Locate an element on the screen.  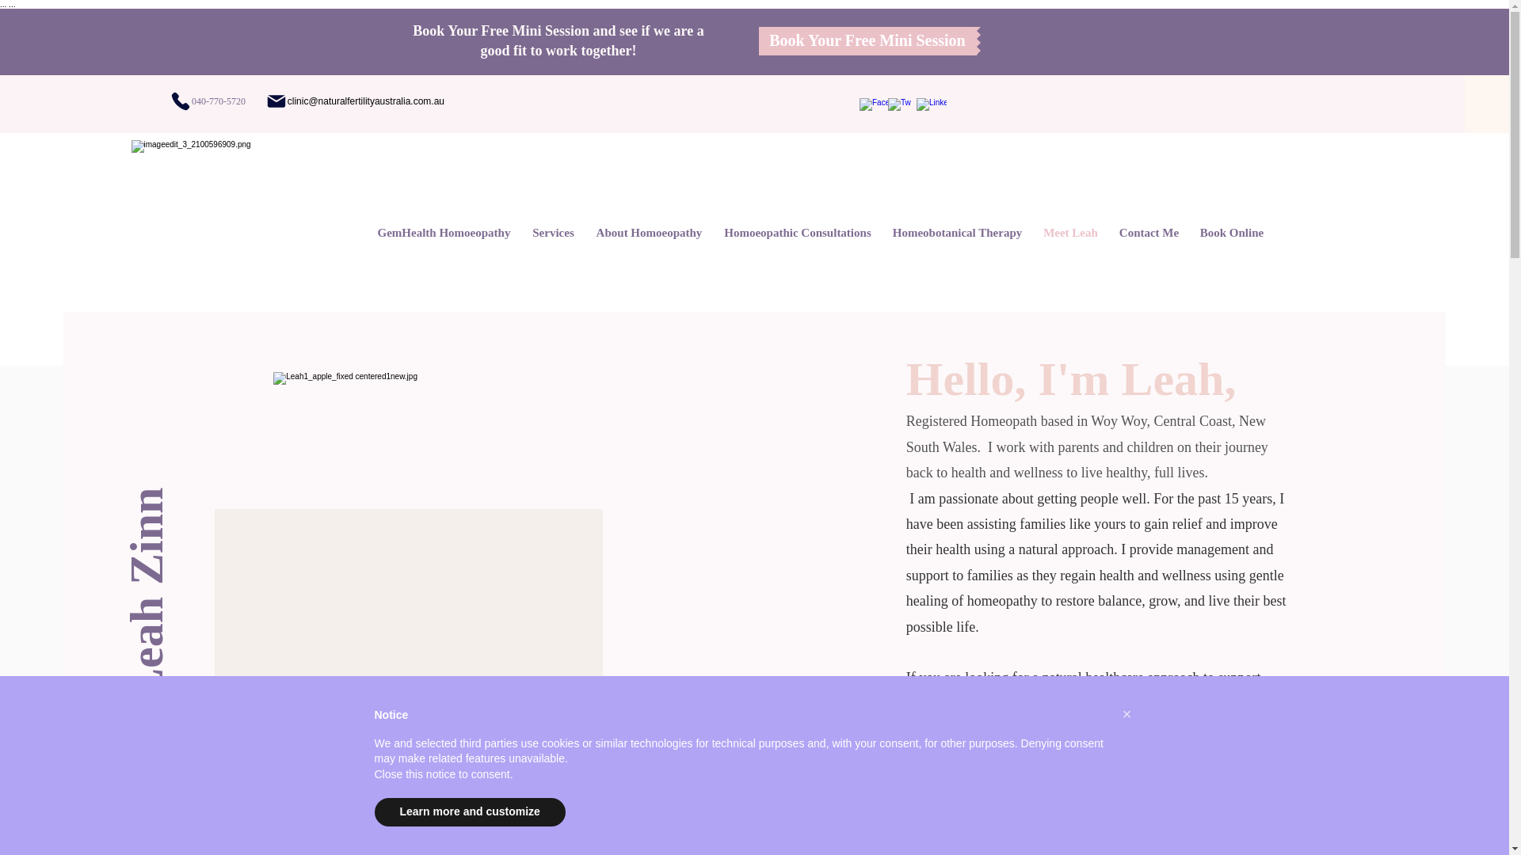
'Homeobotanical Therapy' is located at coordinates (957, 232).